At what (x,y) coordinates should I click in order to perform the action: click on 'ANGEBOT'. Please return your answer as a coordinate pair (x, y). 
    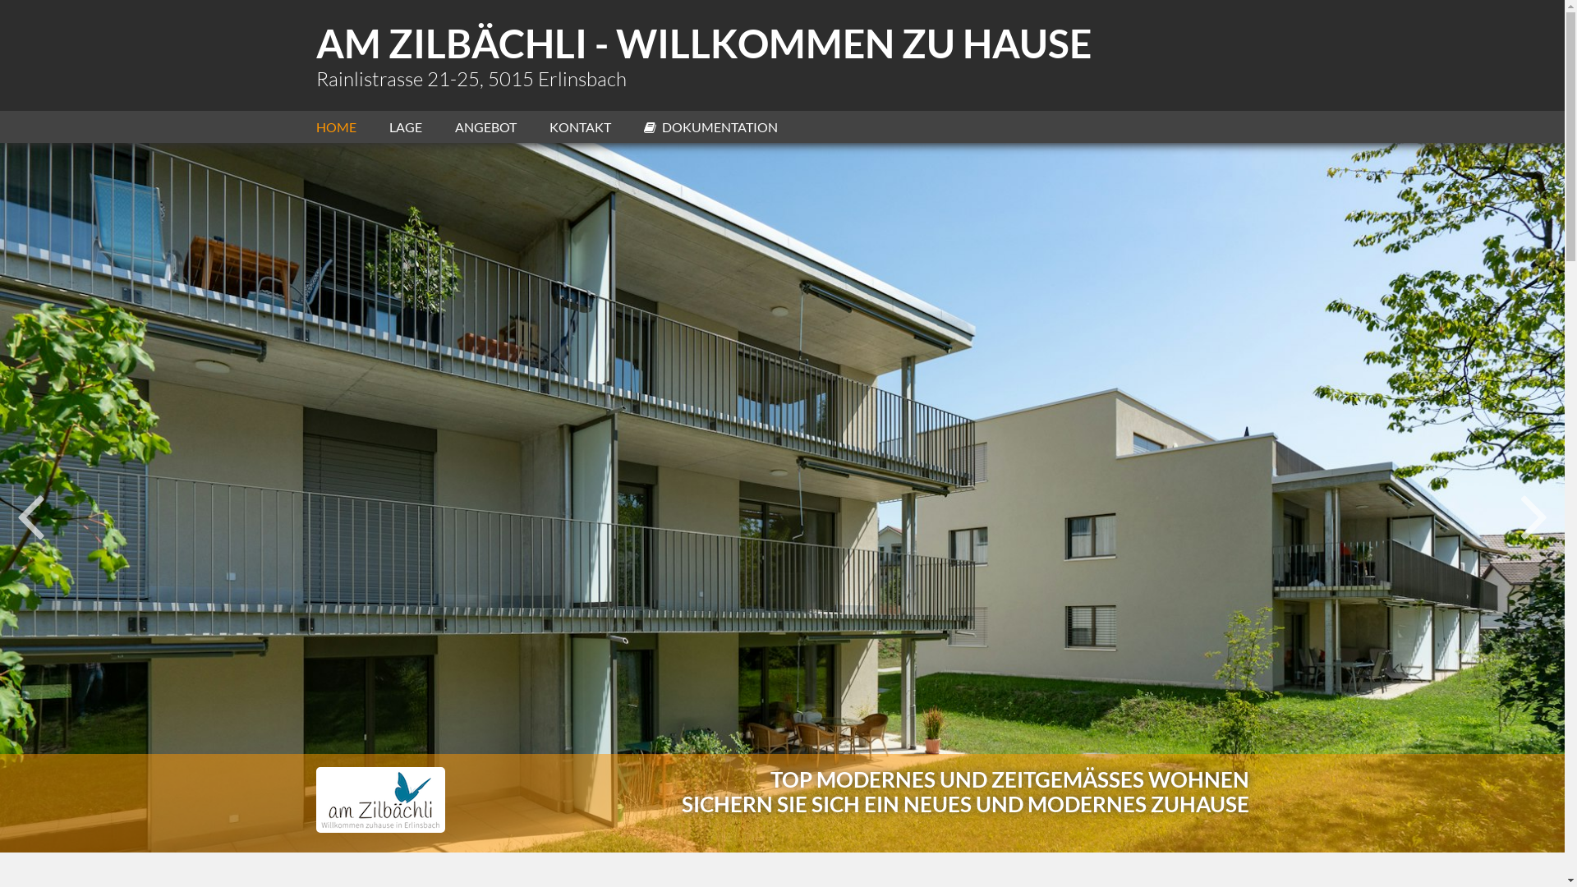
    Looking at the image, I should click on (501, 126).